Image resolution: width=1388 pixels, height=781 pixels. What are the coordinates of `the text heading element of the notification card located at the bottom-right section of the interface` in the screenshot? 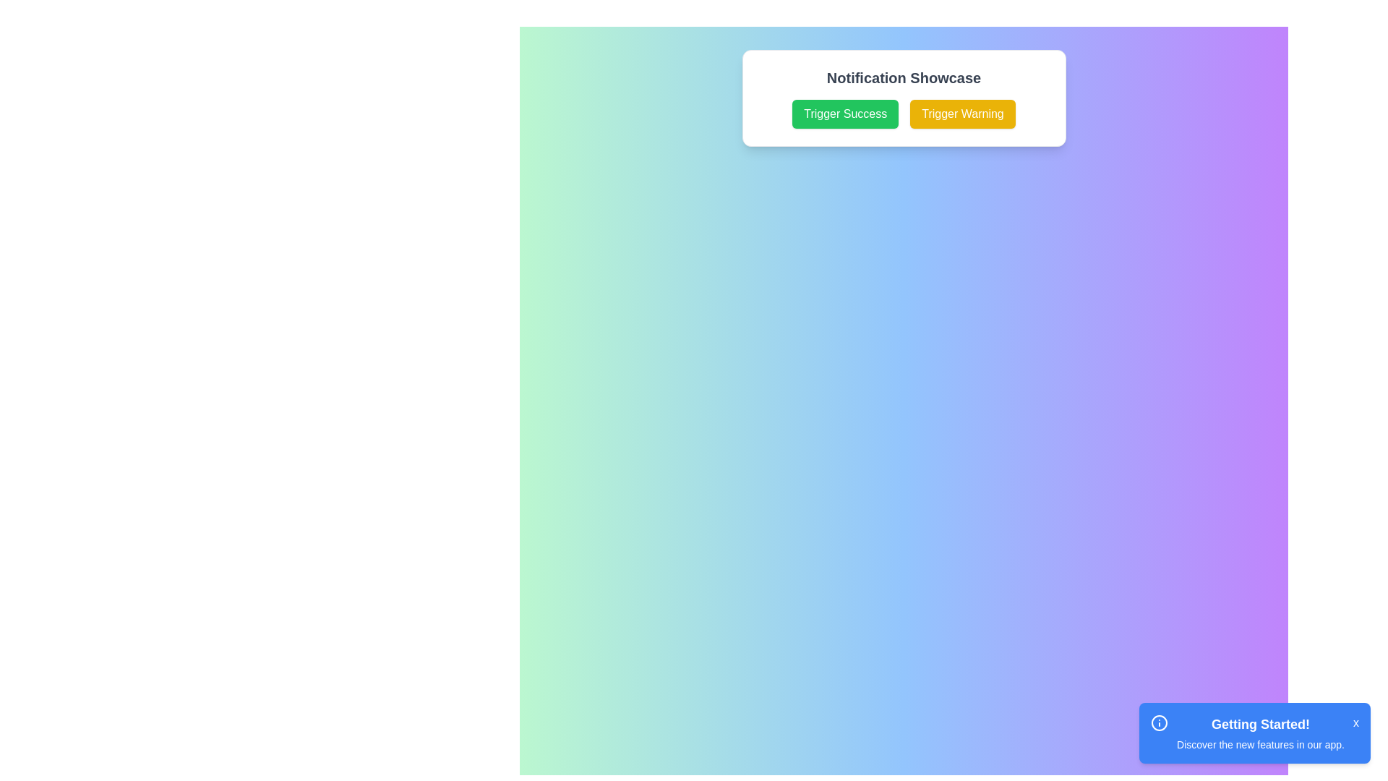 It's located at (1260, 725).